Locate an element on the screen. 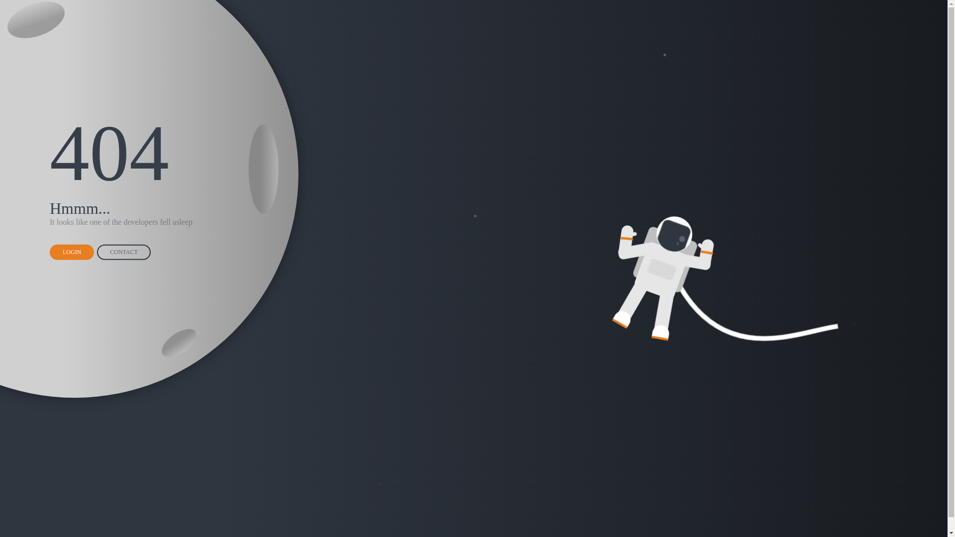  'CONTACT' is located at coordinates (97, 252).